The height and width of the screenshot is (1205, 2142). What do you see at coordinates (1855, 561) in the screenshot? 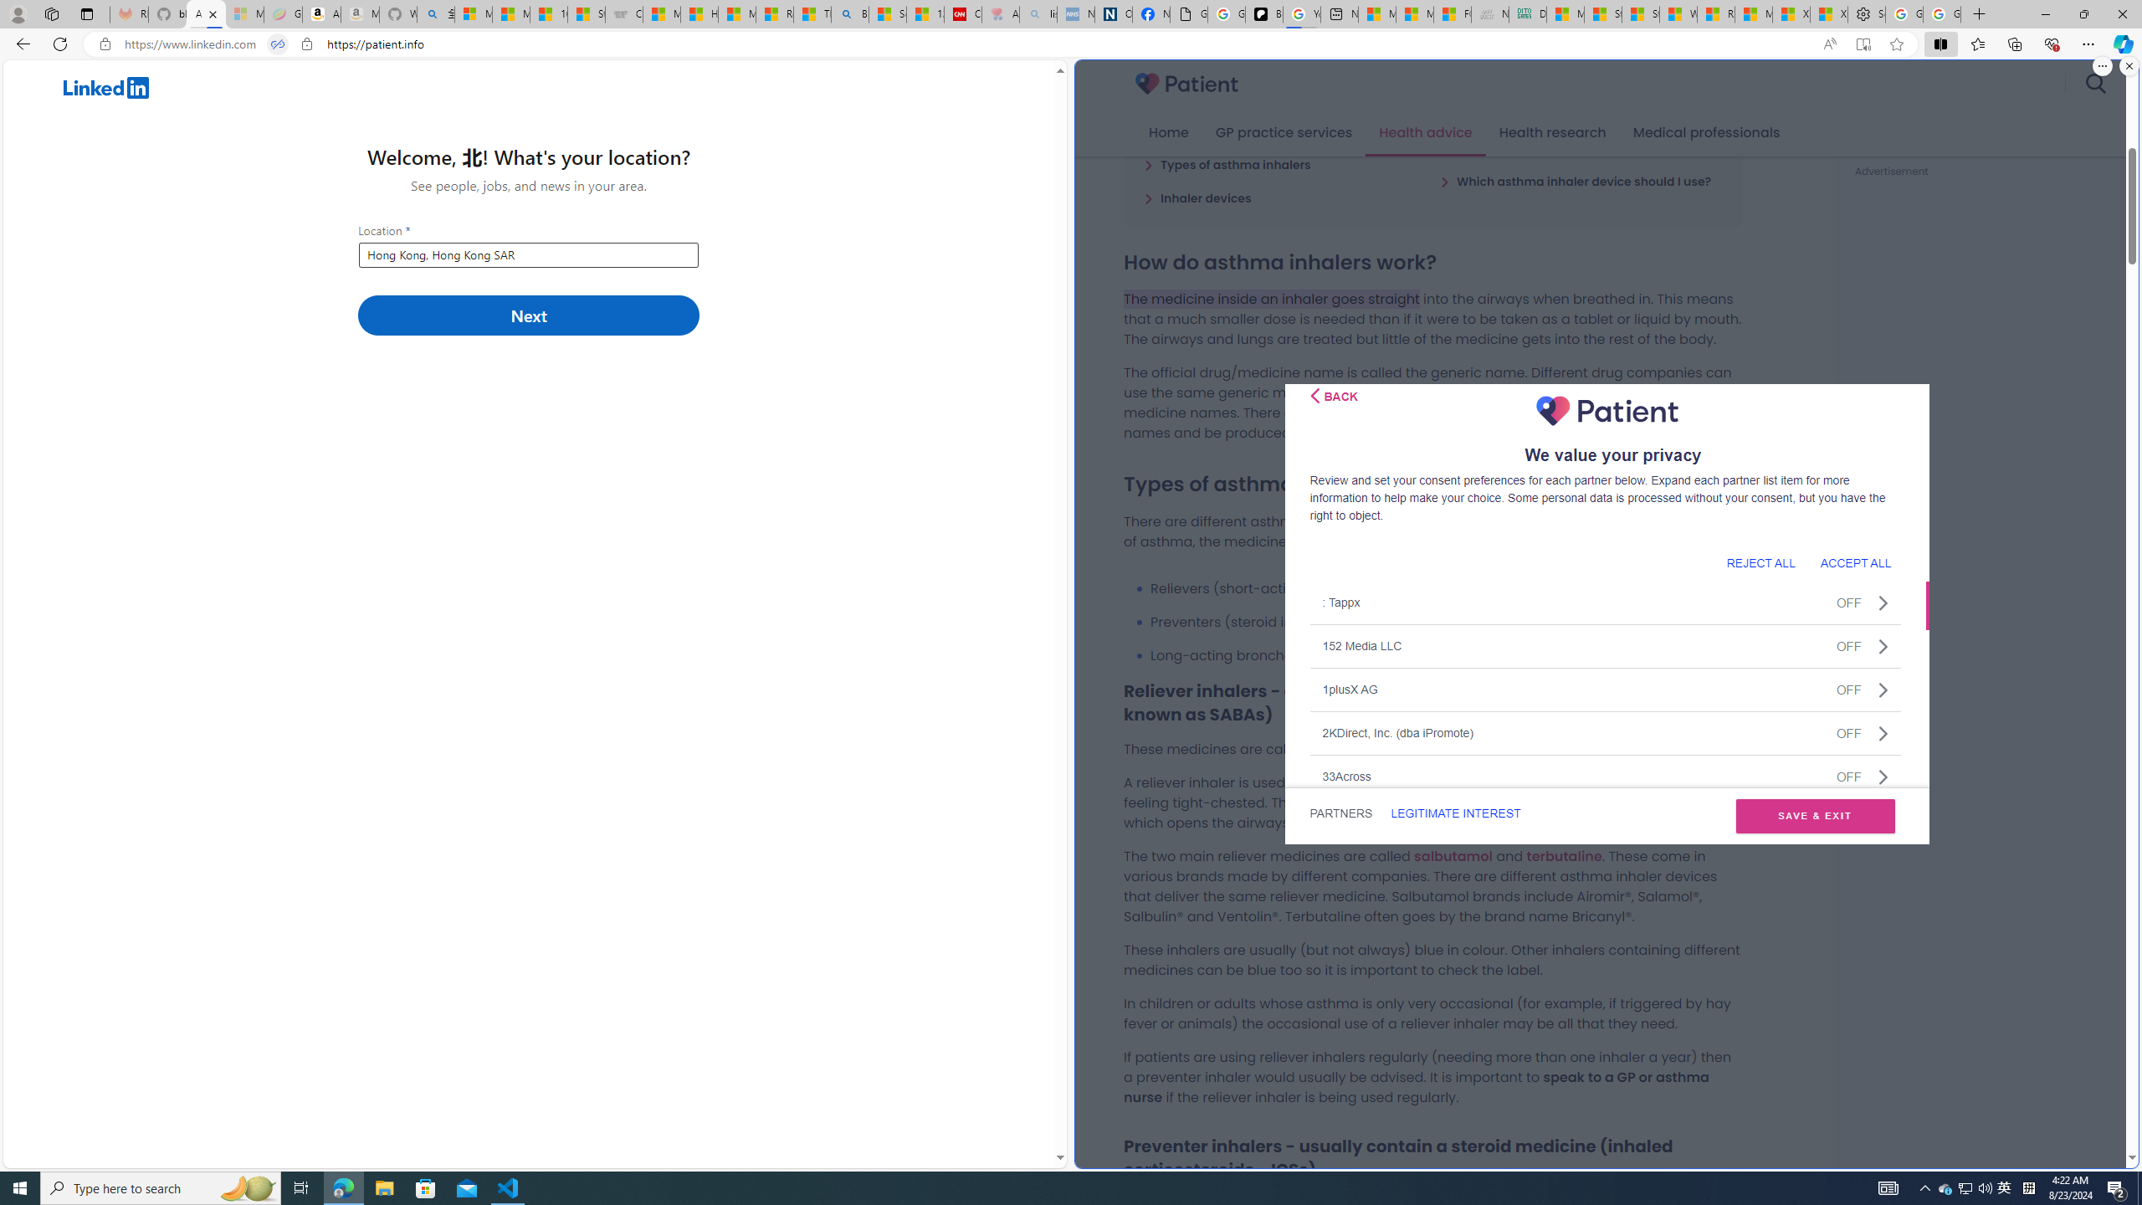
I see `'ACCEPT ALL'` at bounding box center [1855, 561].